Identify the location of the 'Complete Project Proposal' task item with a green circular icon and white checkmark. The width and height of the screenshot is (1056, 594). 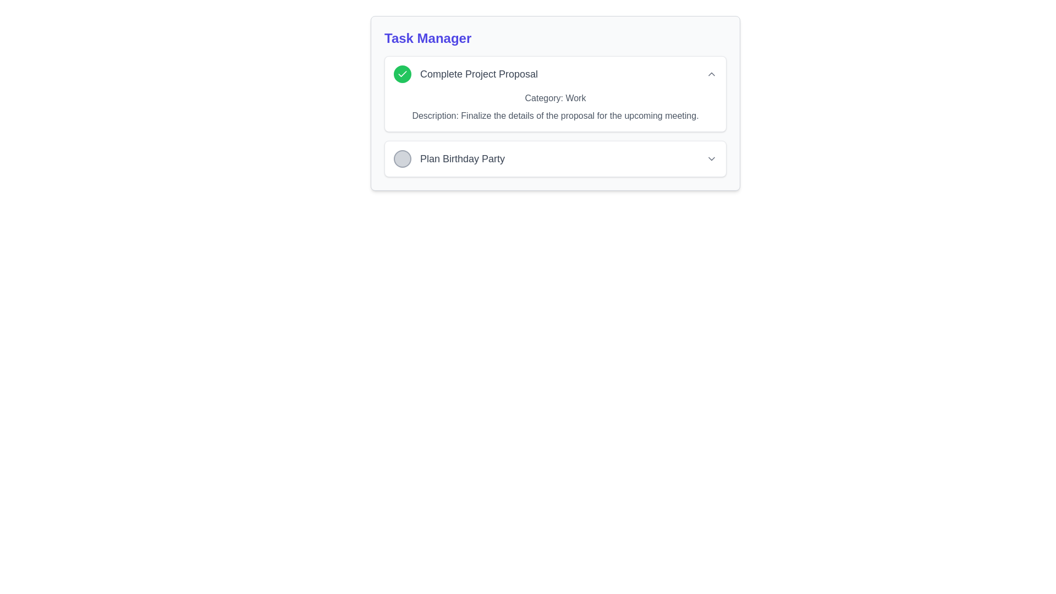
(465, 74).